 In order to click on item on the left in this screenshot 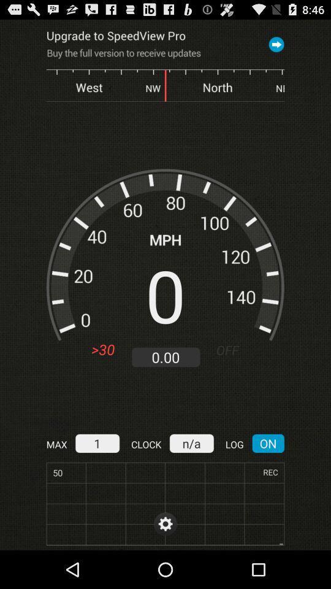, I will do `click(102, 350)`.